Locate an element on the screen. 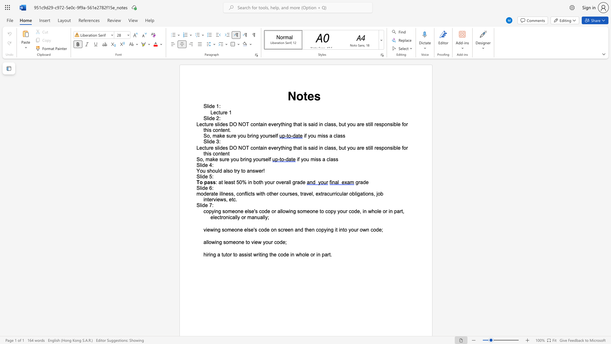 This screenshot has height=344, width=611. the subset text "curricular obligations, j" within the text "moderate illness, conflicts with other courses, travel, extracurricular obligations, job interviews, etc." is located at coordinates (327, 193).